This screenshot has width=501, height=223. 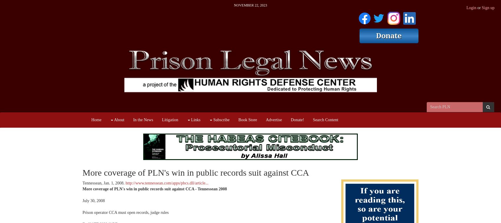 I want to click on 'Sign up', so click(x=487, y=7).